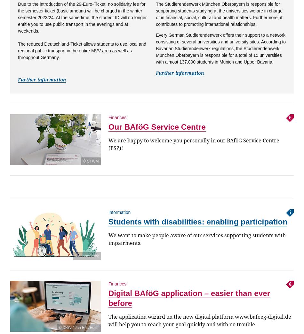  What do you see at coordinates (189, 298) in the screenshot?
I see `'Digital BAföG application – easier than ever before'` at bounding box center [189, 298].